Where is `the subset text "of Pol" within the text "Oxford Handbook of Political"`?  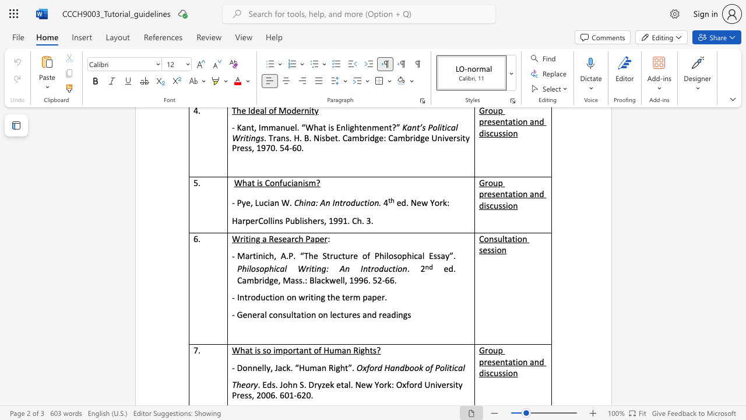 the subset text "of Pol" within the text "Oxford Handbook of Political" is located at coordinates (424, 367).